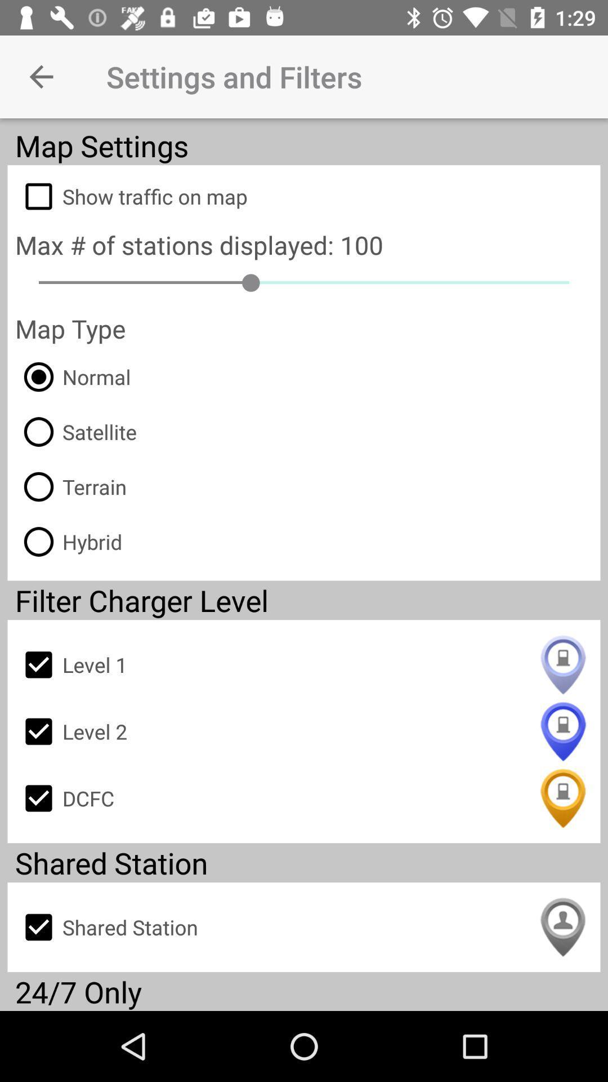 The height and width of the screenshot is (1082, 608). I want to click on item above level 2 icon, so click(304, 664).